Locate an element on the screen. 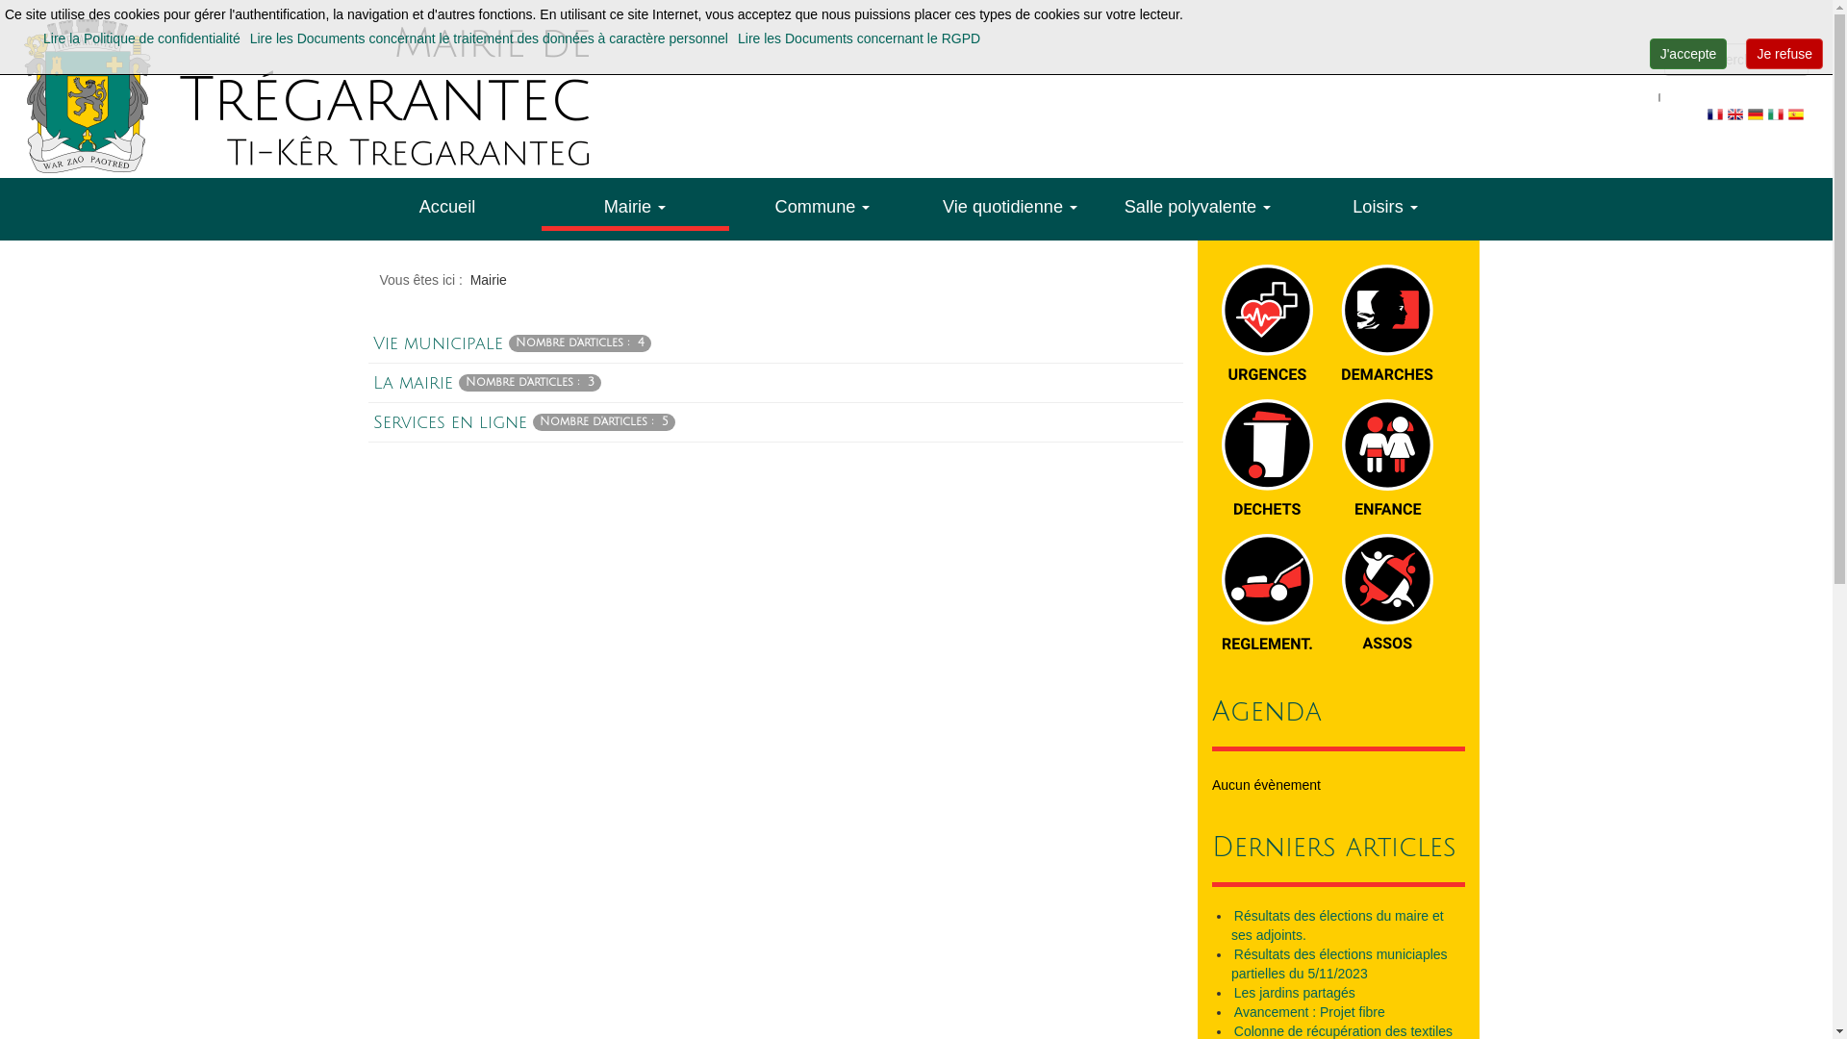 The width and height of the screenshot is (1847, 1039). 'La mairie' is located at coordinates (412, 382).